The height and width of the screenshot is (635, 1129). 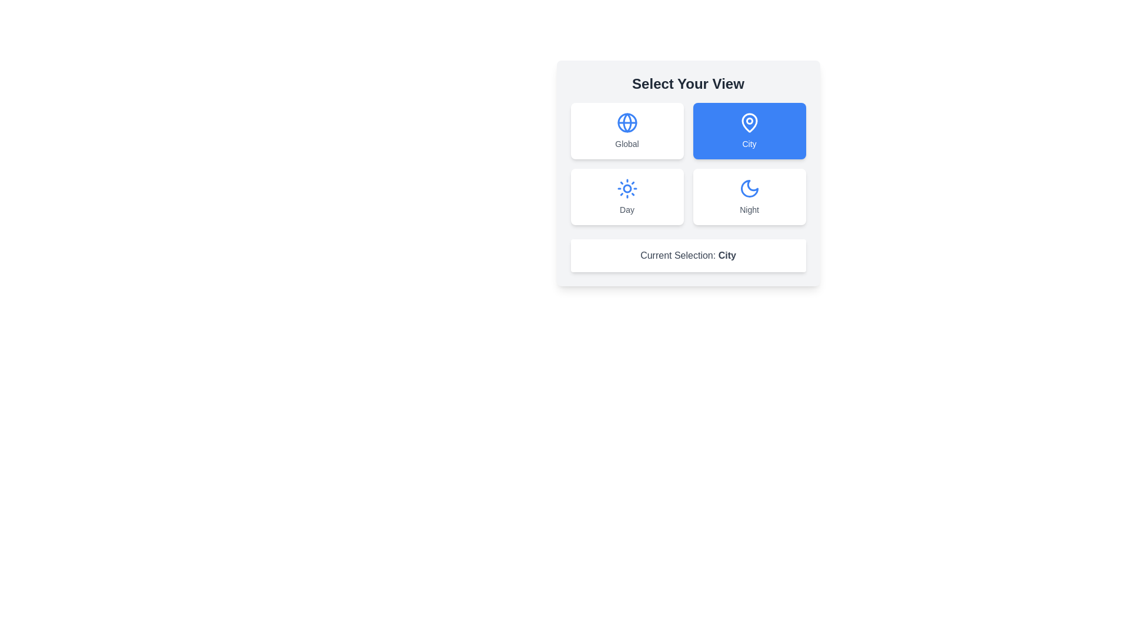 I want to click on the Informational Label that displays 'Current Selection: City', which has a white background, rounded corners, and centered text, so click(x=688, y=255).